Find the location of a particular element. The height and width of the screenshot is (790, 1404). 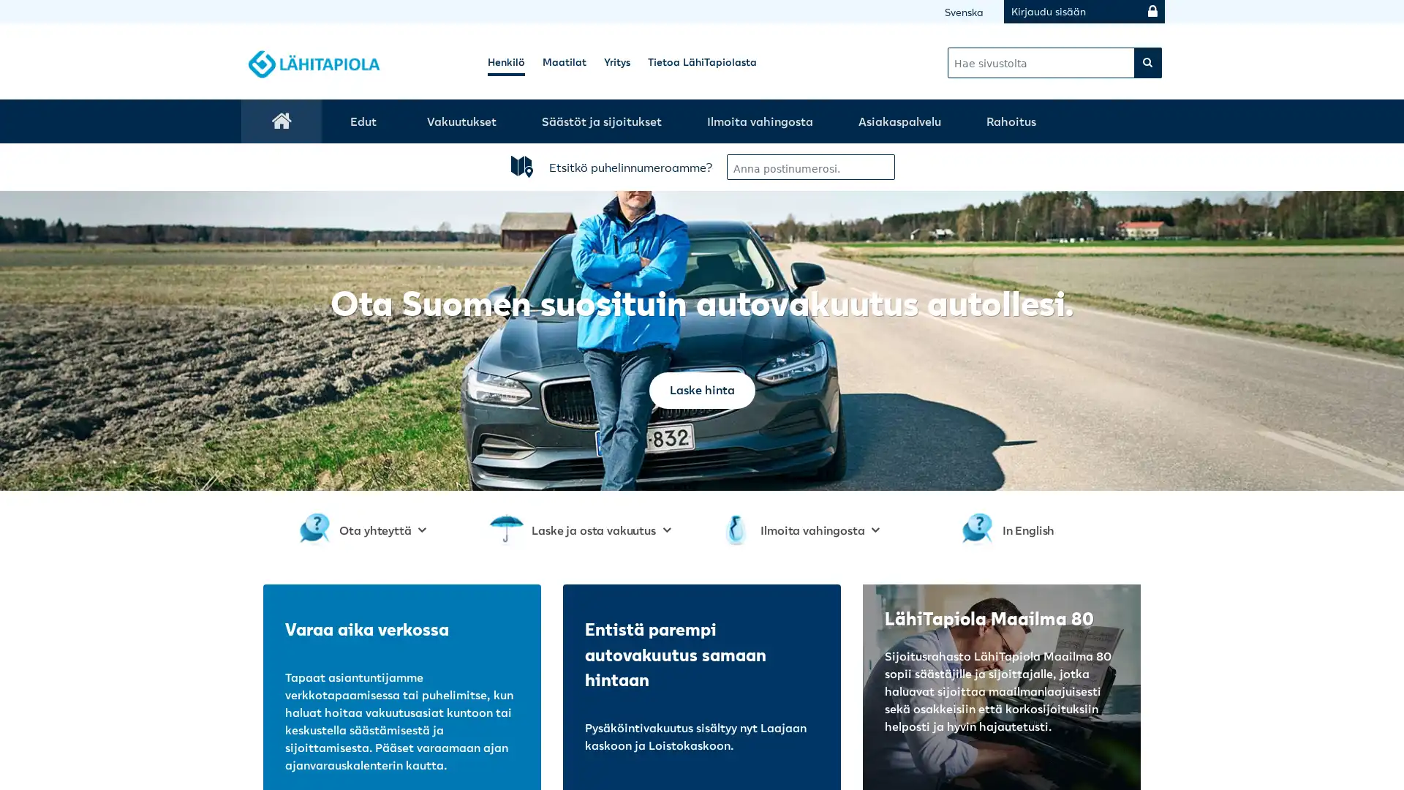

Hyvaksy kaikki evasteet is located at coordinates (814, 267).